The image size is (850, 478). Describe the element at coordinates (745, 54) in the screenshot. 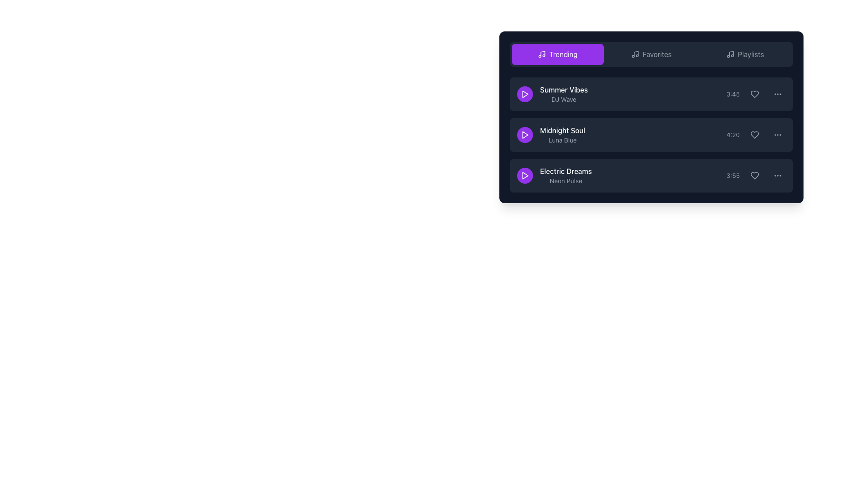

I see `the 'Playlists' button in the navigation tab` at that location.